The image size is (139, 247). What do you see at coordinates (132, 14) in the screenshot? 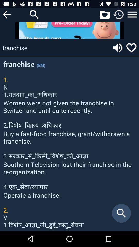
I see `icon` at bounding box center [132, 14].